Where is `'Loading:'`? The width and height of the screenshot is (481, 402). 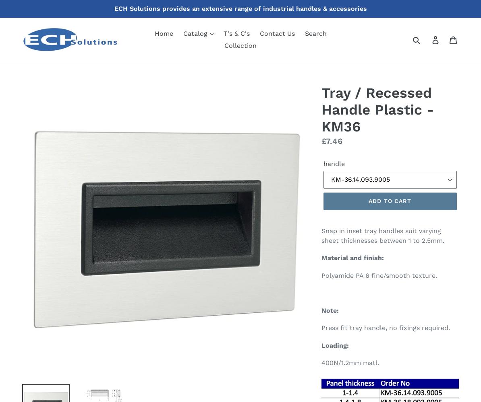
'Loading:' is located at coordinates (320, 345).